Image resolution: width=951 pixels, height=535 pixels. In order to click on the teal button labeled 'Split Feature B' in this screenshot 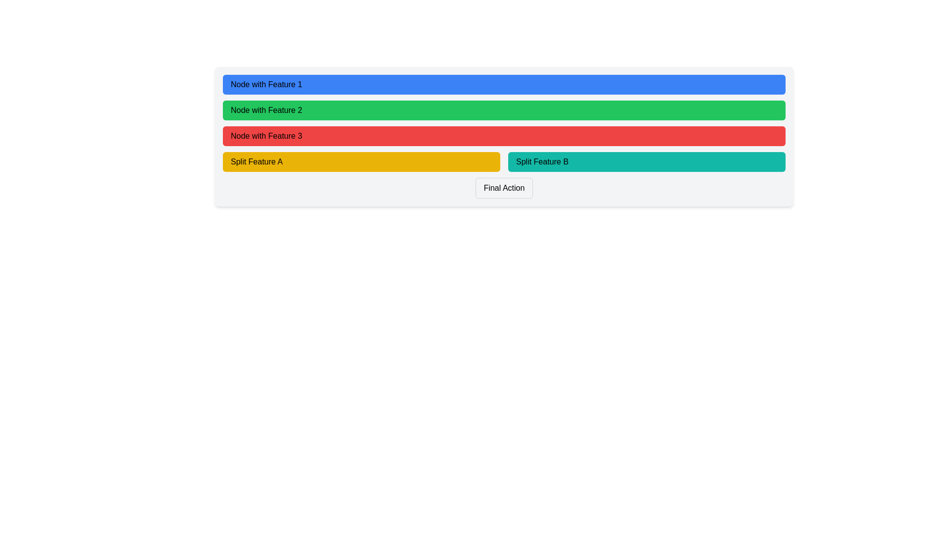, I will do `click(646, 161)`.